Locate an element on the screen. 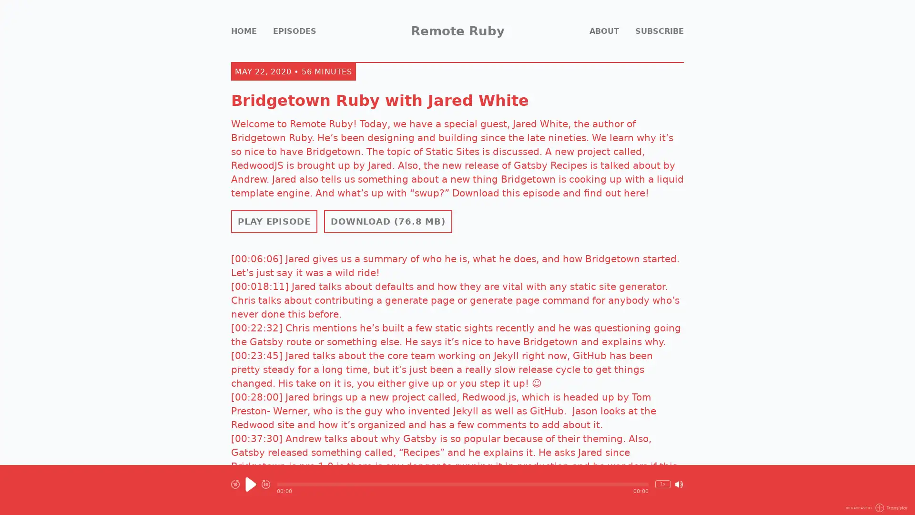  Change Playback Speed (currently 1 times speed) is located at coordinates (662, 484).